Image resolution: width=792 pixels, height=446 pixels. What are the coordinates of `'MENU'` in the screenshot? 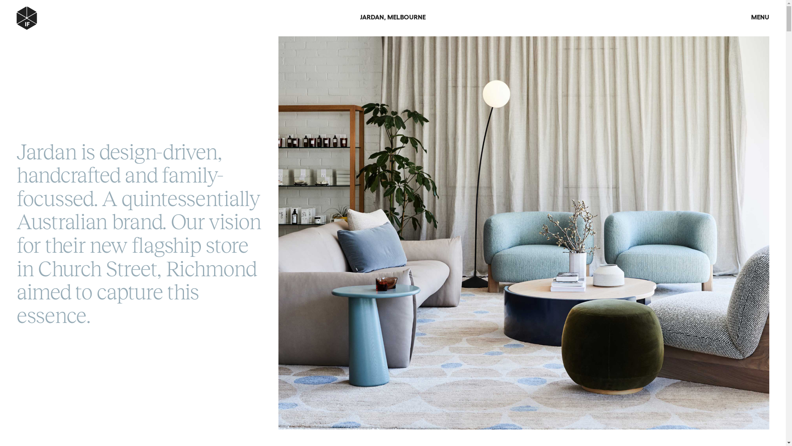 It's located at (760, 16).